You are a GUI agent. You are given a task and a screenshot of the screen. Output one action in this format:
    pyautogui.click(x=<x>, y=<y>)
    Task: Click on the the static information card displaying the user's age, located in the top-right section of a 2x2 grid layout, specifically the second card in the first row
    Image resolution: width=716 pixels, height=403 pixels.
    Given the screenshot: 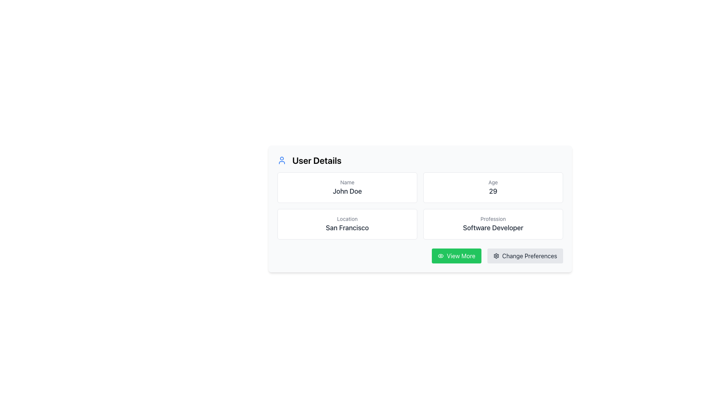 What is the action you would take?
    pyautogui.click(x=493, y=187)
    